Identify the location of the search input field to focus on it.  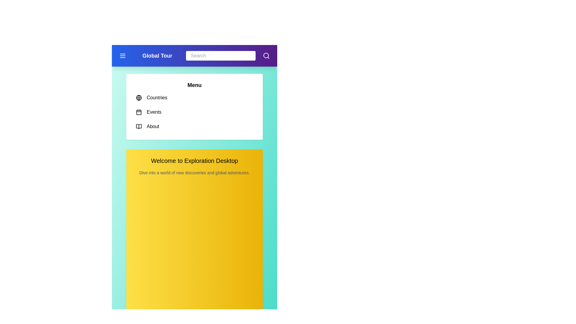
(220, 55).